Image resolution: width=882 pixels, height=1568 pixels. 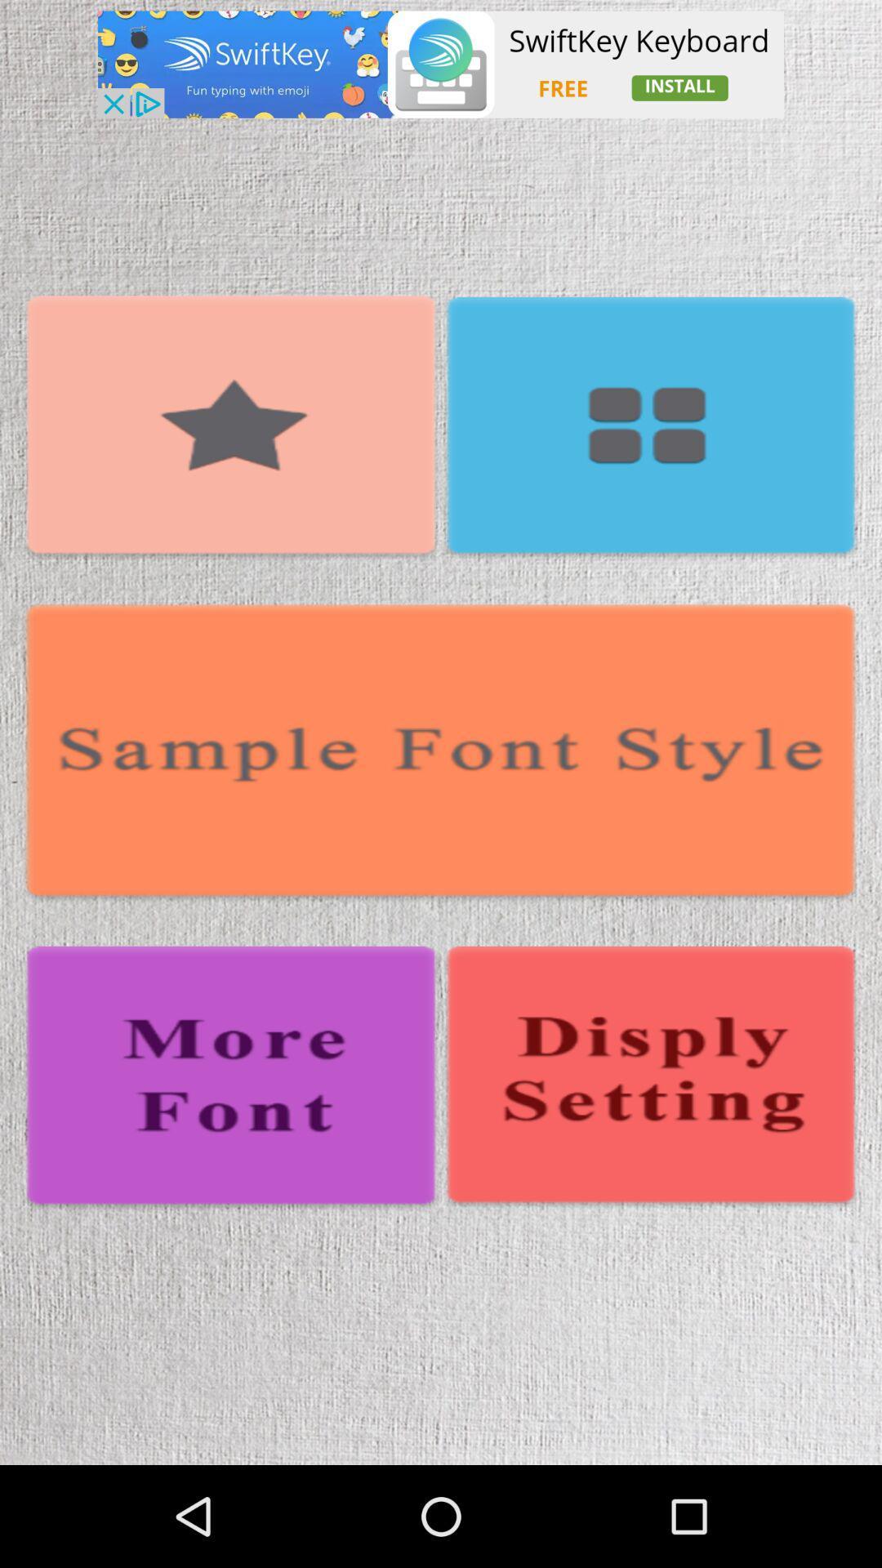 What do you see at coordinates (441, 65) in the screenshot?
I see `advertisement` at bounding box center [441, 65].